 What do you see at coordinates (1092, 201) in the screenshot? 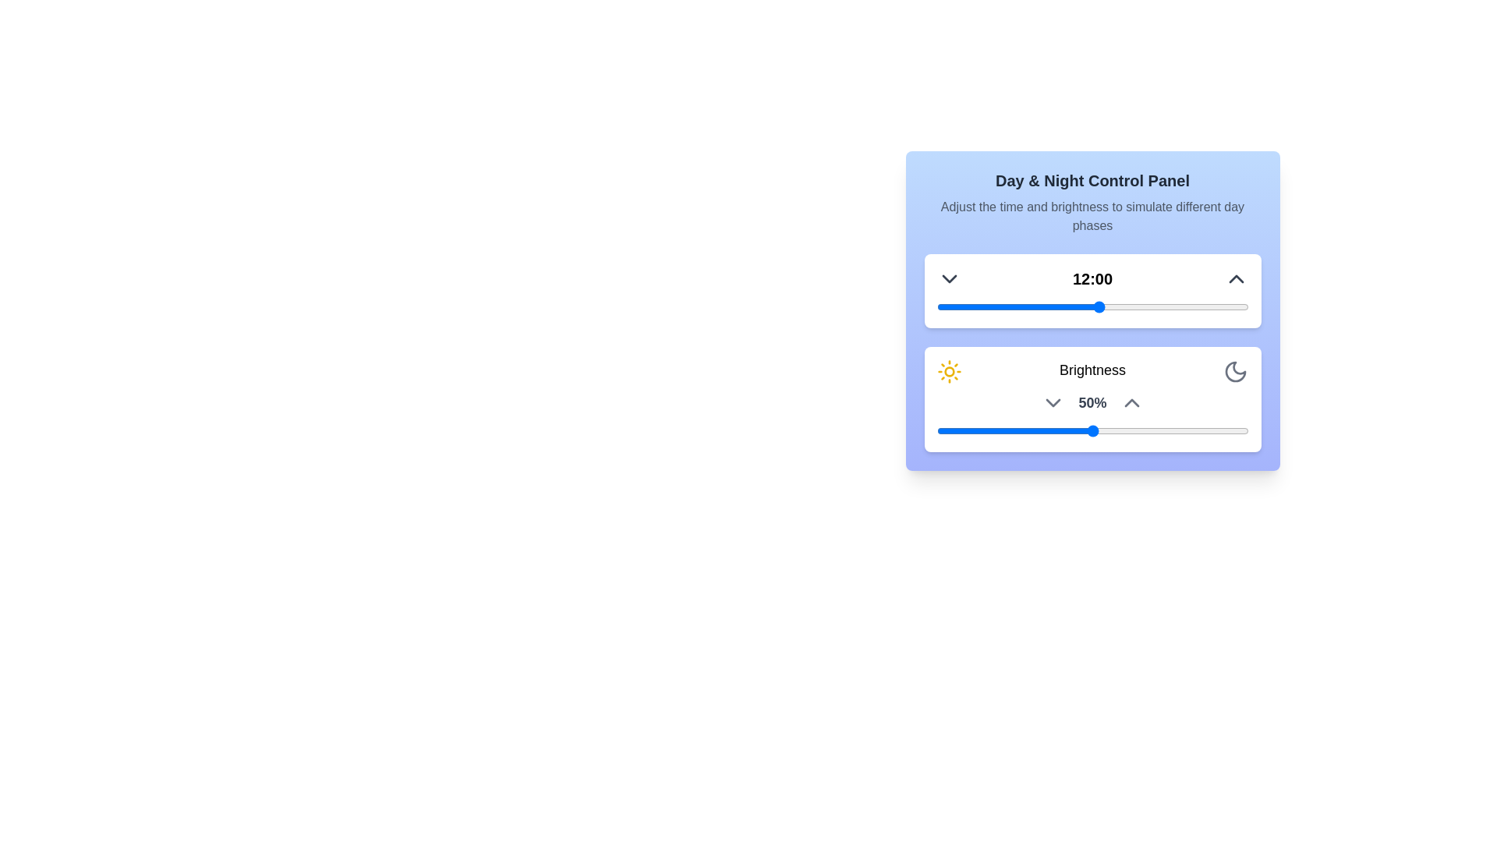
I see `the 'Day & Night Control Panel' text block, which features a bold title and a descriptive subtitle, located at the top-center of the panel` at bounding box center [1092, 201].